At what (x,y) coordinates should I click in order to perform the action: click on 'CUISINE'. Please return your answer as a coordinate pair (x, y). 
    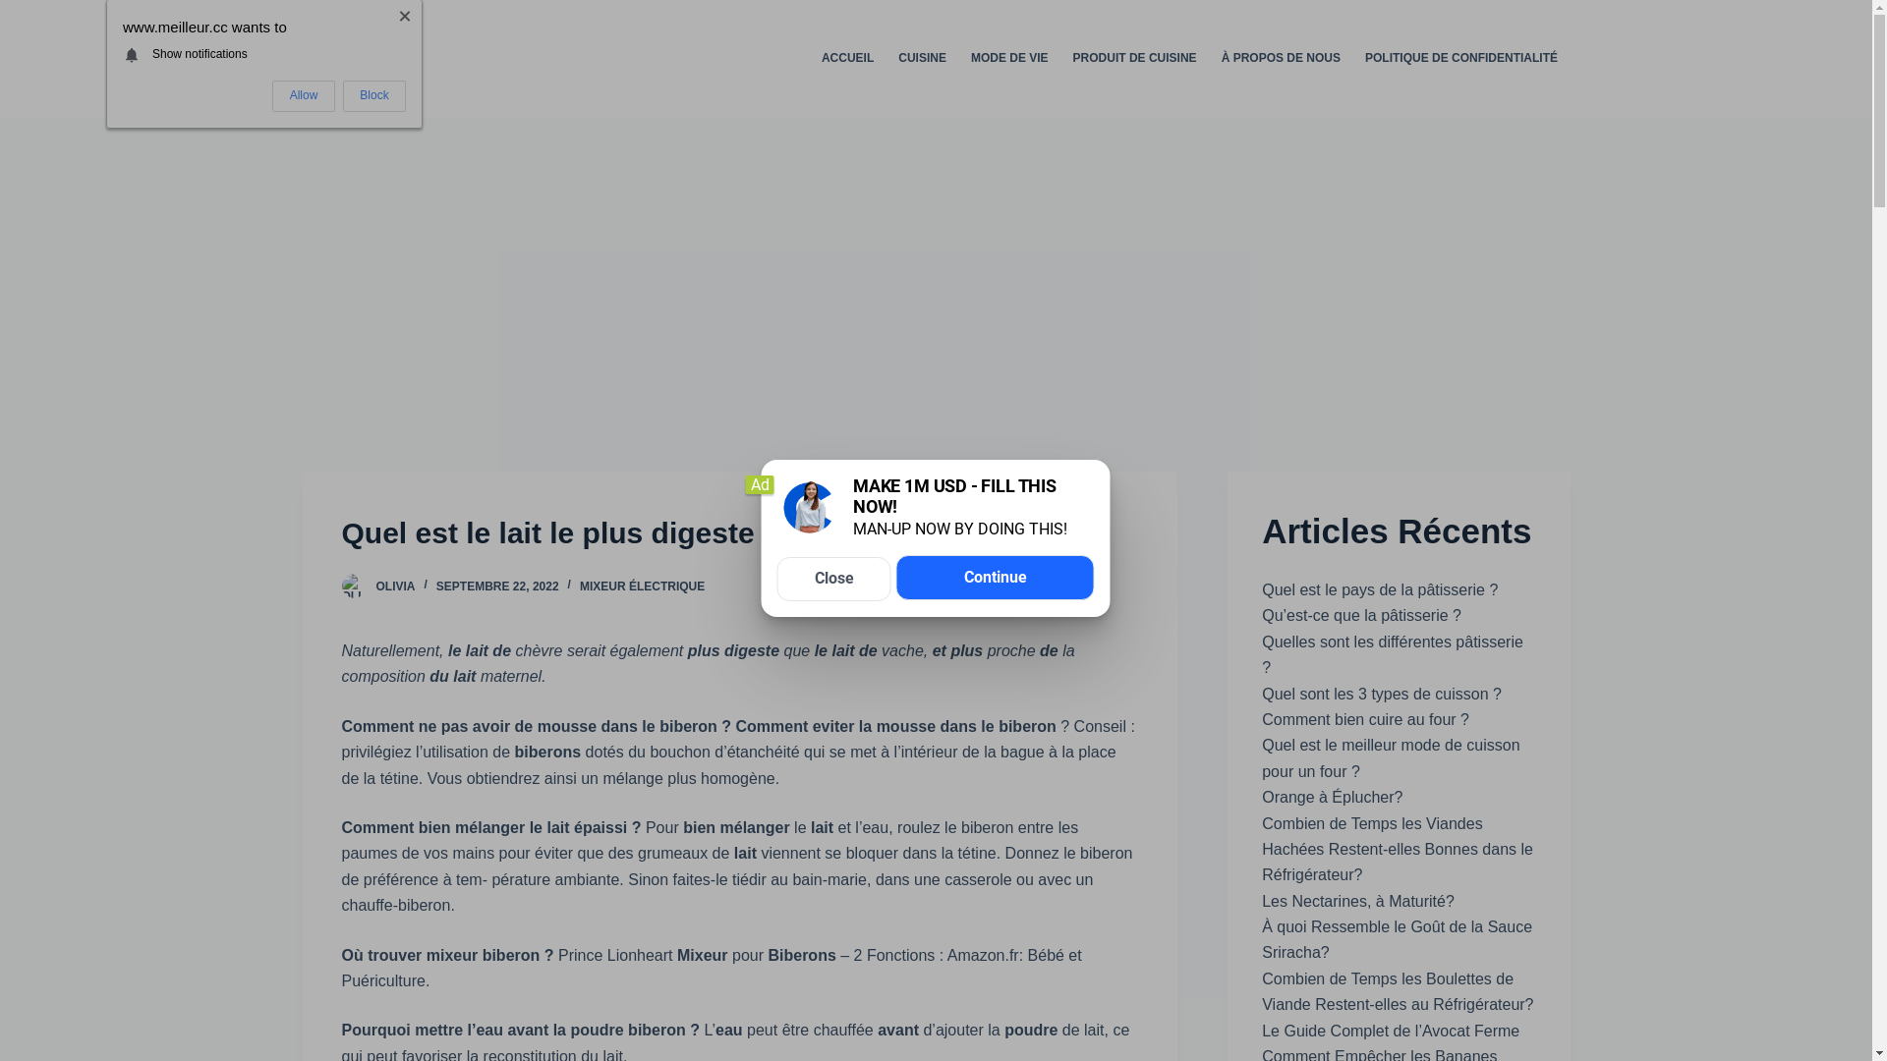
    Looking at the image, I should click on (886, 58).